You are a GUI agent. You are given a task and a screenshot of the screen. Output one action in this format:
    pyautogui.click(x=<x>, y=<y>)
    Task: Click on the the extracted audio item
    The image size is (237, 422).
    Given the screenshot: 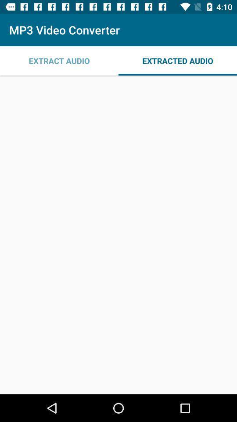 What is the action you would take?
    pyautogui.click(x=178, y=60)
    